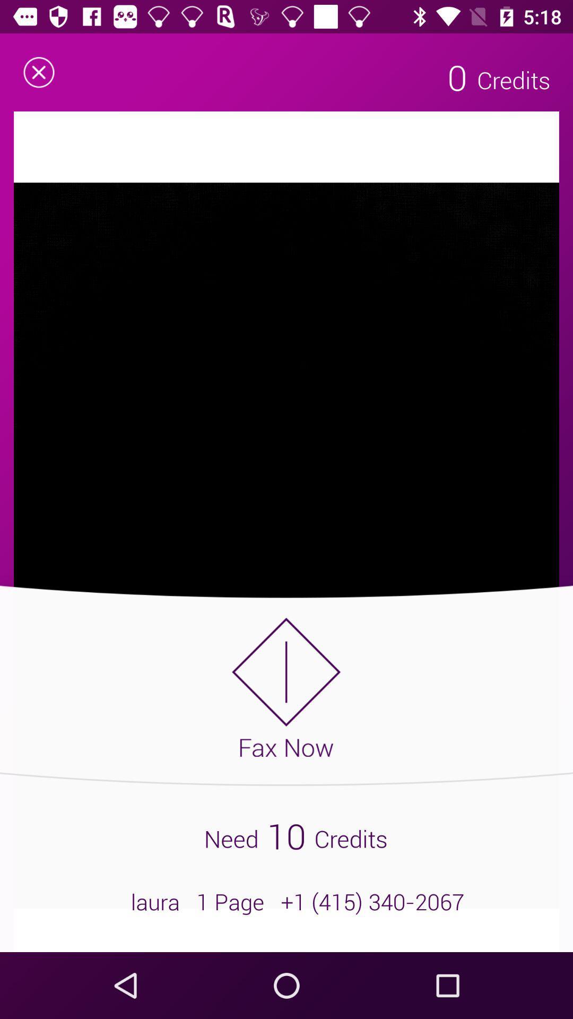 This screenshot has width=573, height=1019. Describe the element at coordinates (457, 76) in the screenshot. I see `the 0` at that location.